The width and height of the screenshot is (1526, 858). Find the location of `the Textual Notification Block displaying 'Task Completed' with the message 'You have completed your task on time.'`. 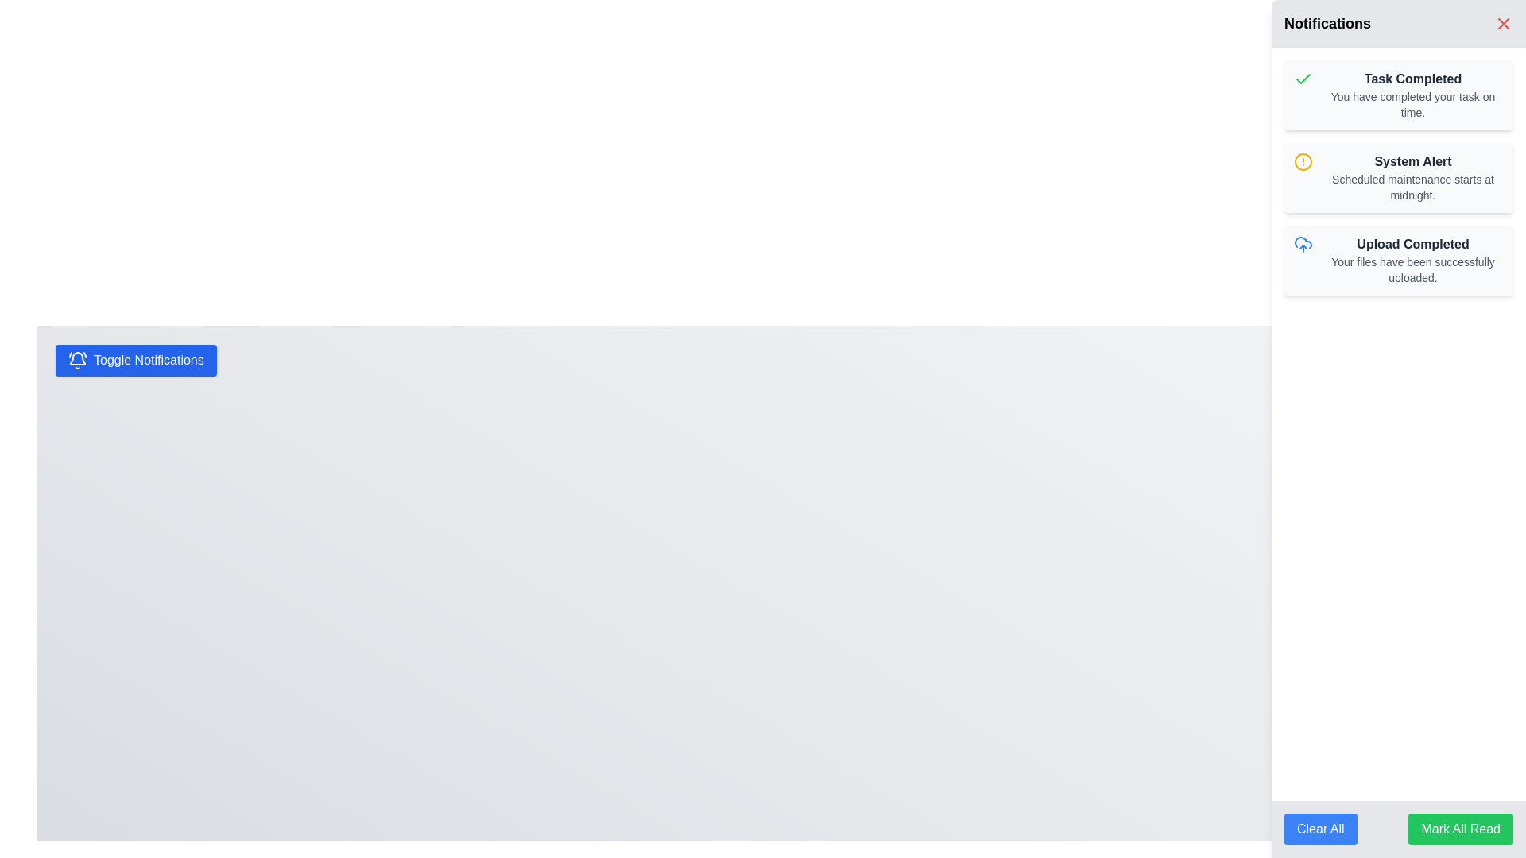

the Textual Notification Block displaying 'Task Completed' with the message 'You have completed your task on time.' is located at coordinates (1412, 95).